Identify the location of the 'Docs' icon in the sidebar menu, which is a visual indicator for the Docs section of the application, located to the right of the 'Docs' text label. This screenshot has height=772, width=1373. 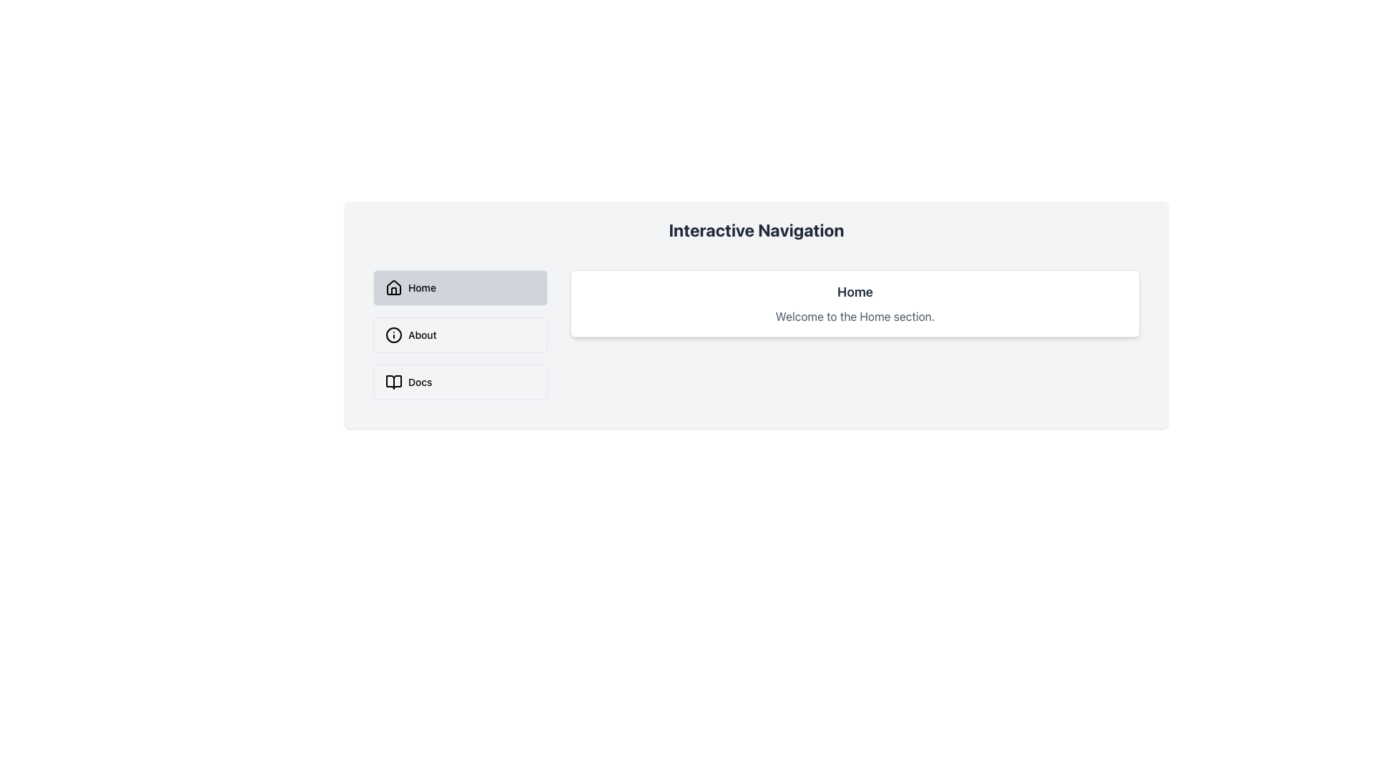
(394, 382).